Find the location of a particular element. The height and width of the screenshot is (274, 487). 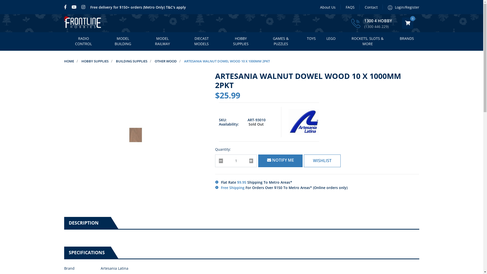

'Free delivery for $150+ orders (Metro Only) T&C's apply' is located at coordinates (138, 7).